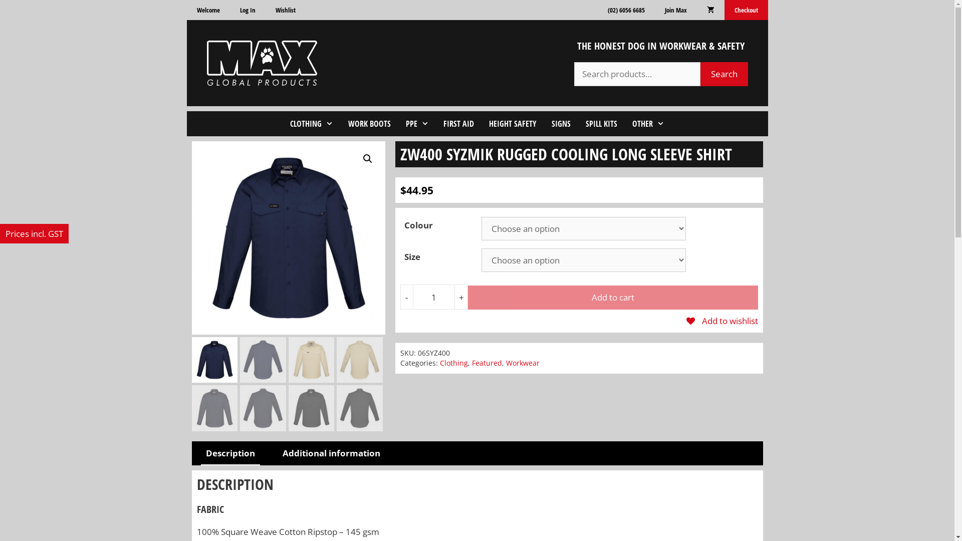  Describe the element at coordinates (458, 123) in the screenshot. I see `'FIRST AID'` at that location.